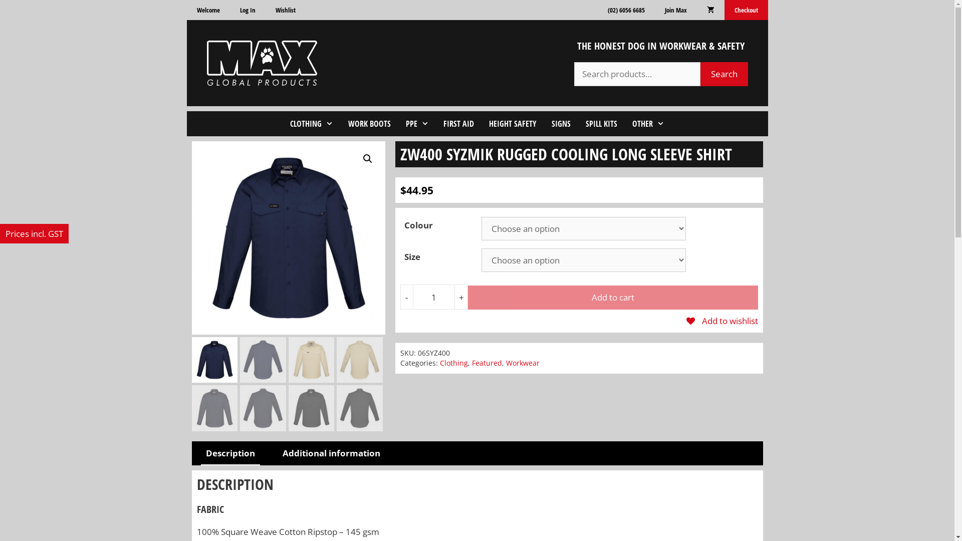  Describe the element at coordinates (458, 123) in the screenshot. I see `'FIRST AID'` at that location.